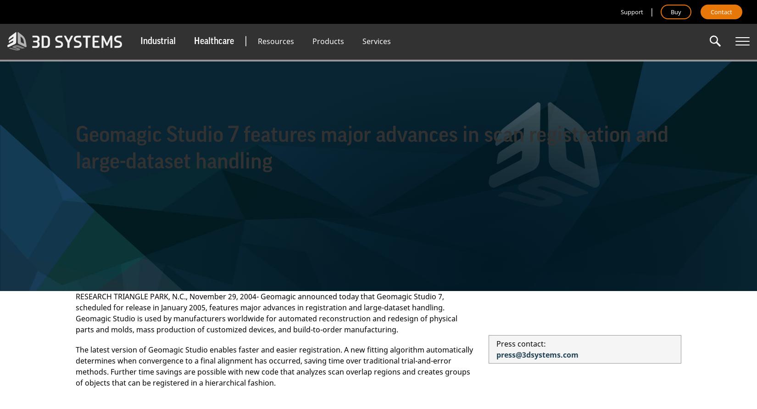  What do you see at coordinates (157, 99) in the screenshot?
I see `'Automotive'` at bounding box center [157, 99].